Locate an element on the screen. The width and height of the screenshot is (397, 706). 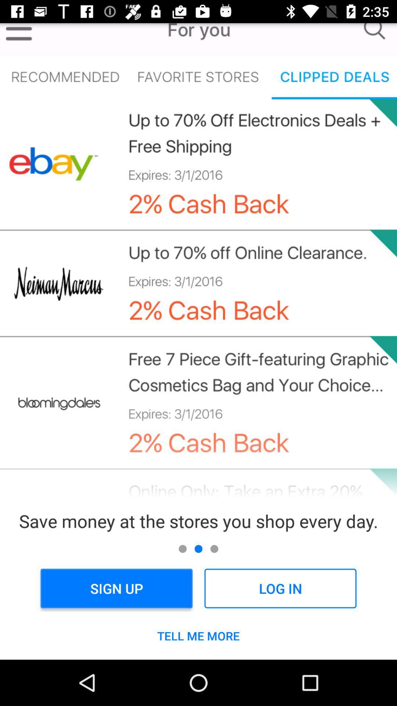
the icon below the sign up is located at coordinates (198, 635).